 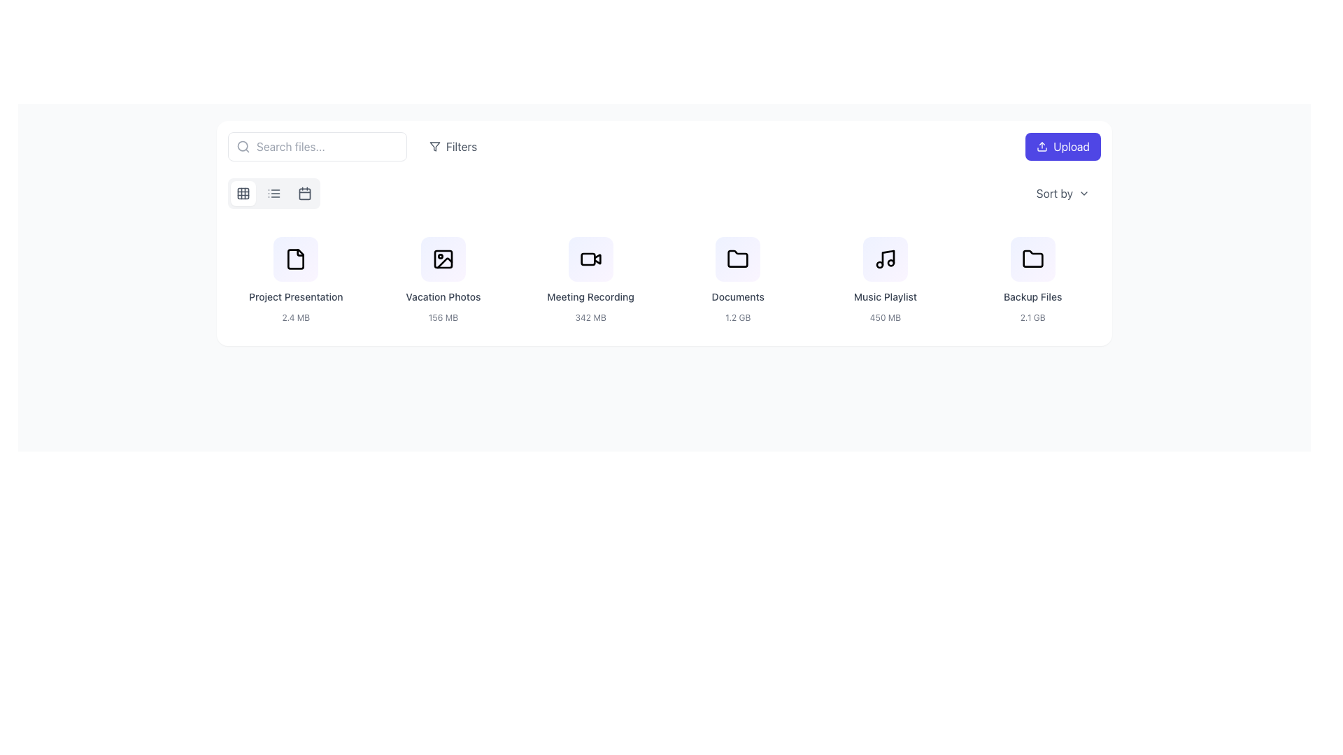 I want to click on the icon button that resembles a three-line list, styled in gray, so click(x=274, y=194).